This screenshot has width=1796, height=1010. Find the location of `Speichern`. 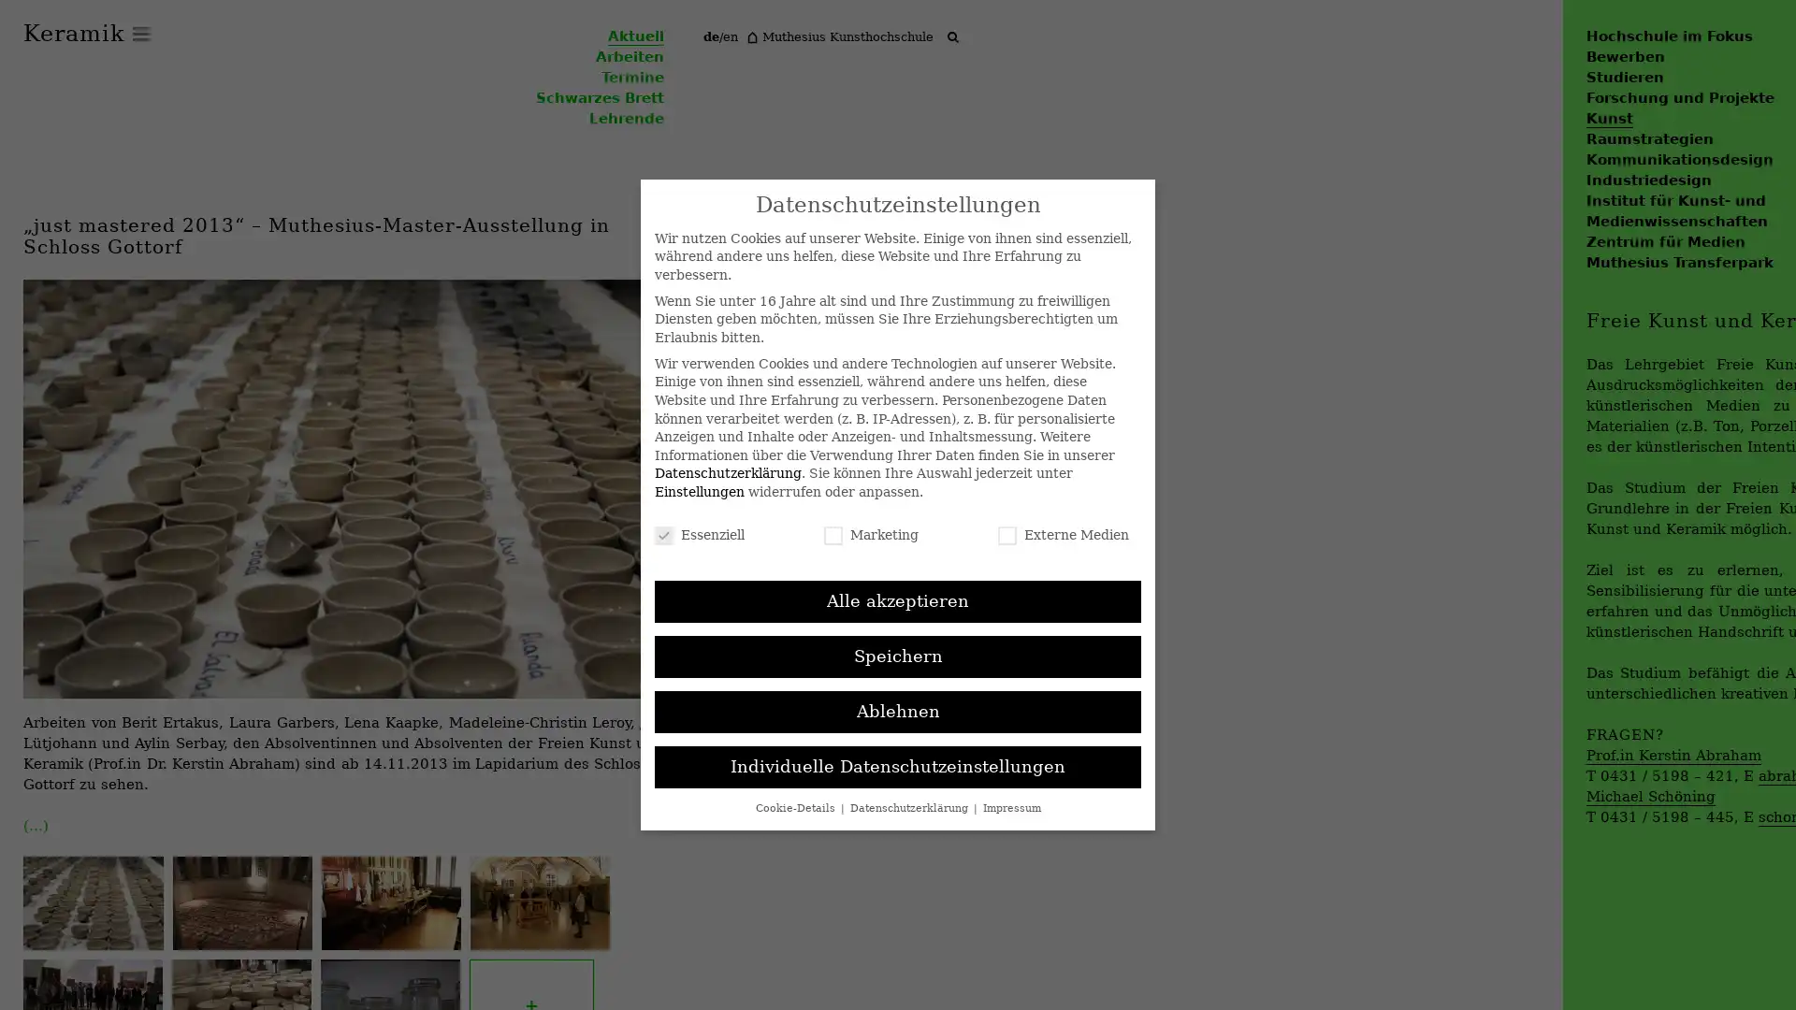

Speichern is located at coordinates (898, 656).